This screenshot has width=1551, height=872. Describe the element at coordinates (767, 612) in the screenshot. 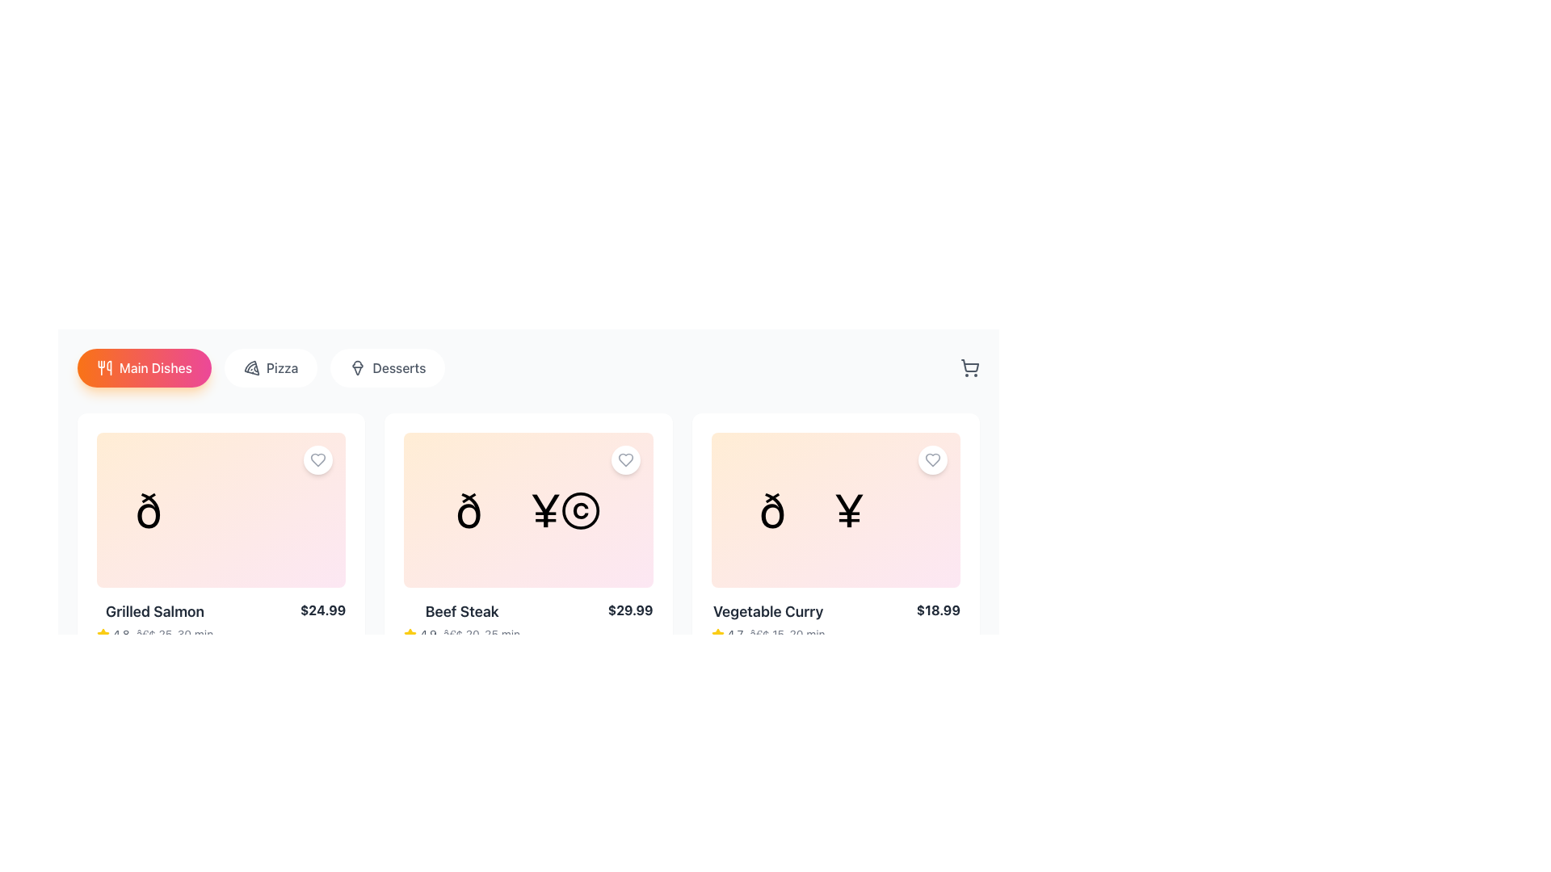

I see `the static text label that serves as the title of the item in the rightmost card, located below the icon graphics` at that location.